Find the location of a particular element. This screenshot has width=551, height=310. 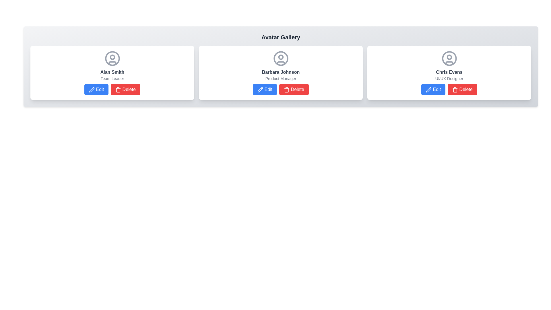

the text label displaying 'Team Leader', which is located beneath 'Alan Smith' within the card section is located at coordinates (112, 78).